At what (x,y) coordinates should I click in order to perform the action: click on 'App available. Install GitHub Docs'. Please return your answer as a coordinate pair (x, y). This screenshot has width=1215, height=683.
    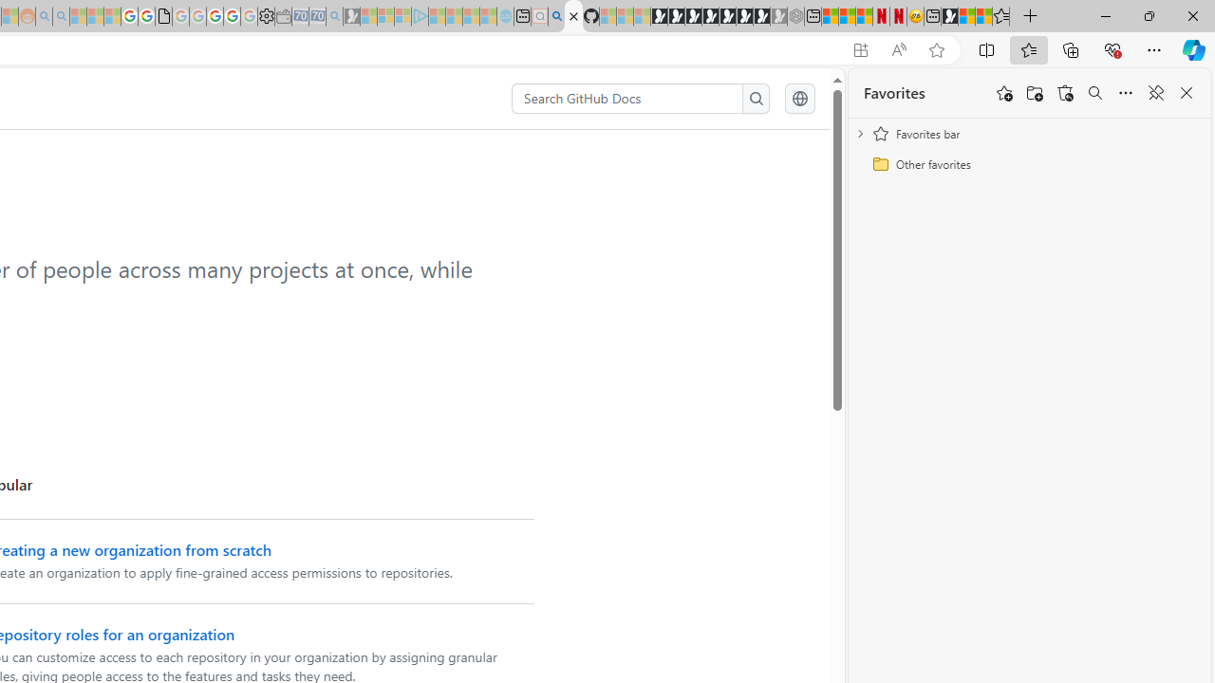
    Looking at the image, I should click on (859, 49).